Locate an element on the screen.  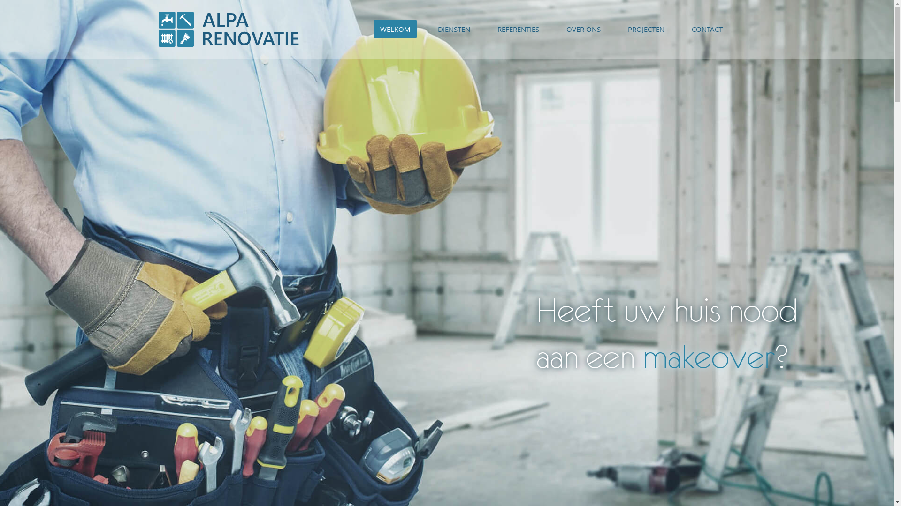
'PROJECTEN' is located at coordinates (646, 28).